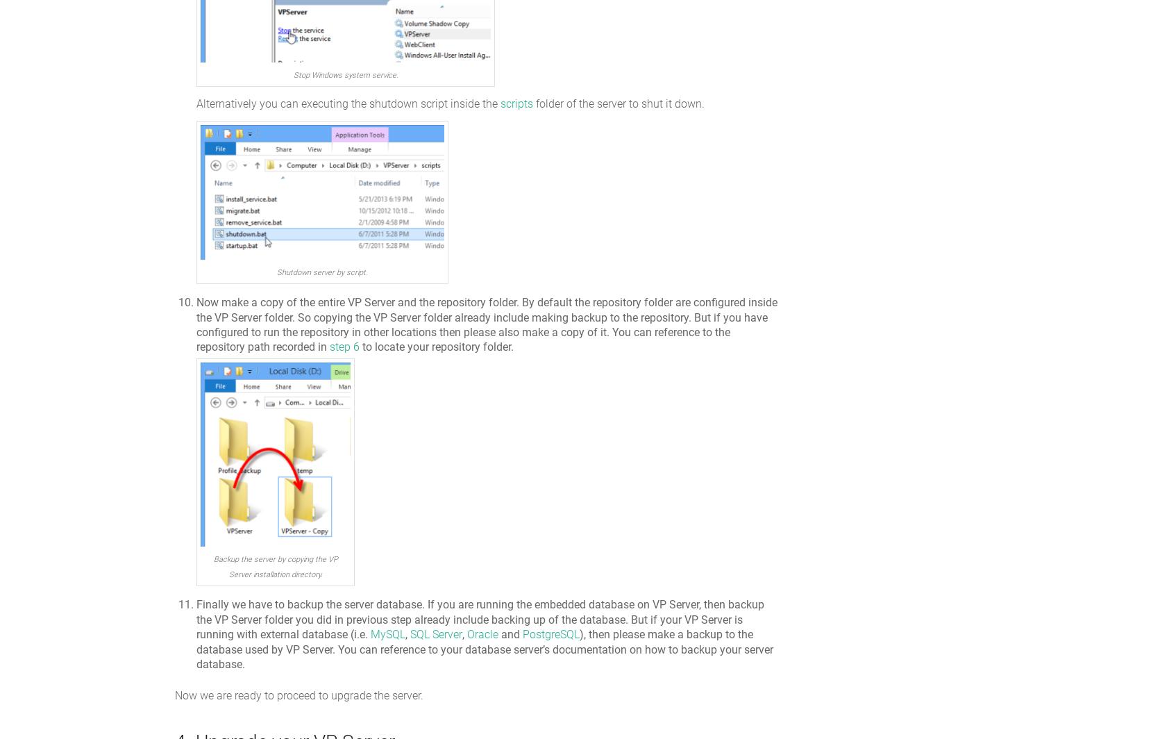 This screenshot has height=739, width=1169. What do you see at coordinates (348, 103) in the screenshot?
I see `'Alternatively you can executing the shutdown script inside the'` at bounding box center [348, 103].